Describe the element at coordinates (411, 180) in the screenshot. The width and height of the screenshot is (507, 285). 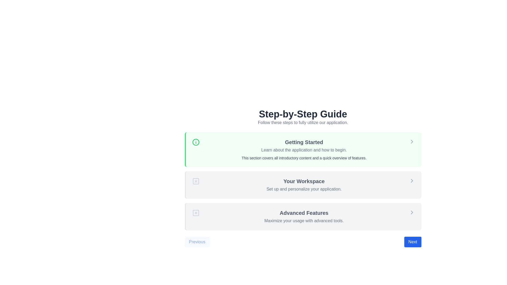
I see `the chevron icon located at the right end of the 'Your Workspace' section` at that location.